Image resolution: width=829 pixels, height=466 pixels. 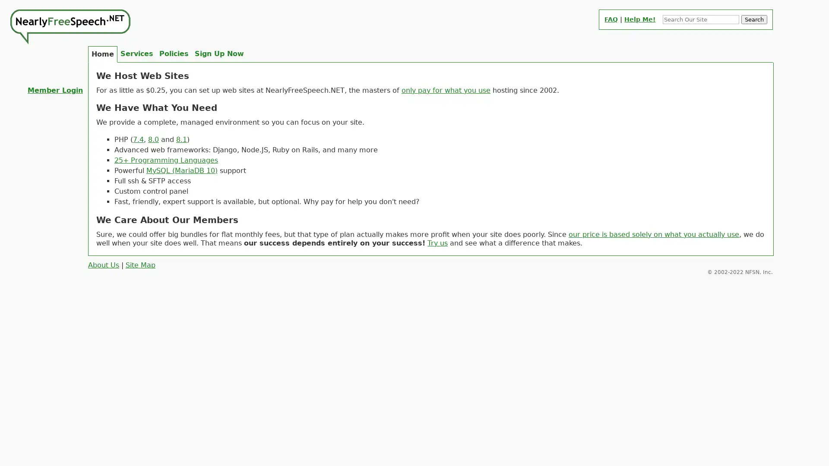 What do you see at coordinates (754, 19) in the screenshot?
I see `Search` at bounding box center [754, 19].